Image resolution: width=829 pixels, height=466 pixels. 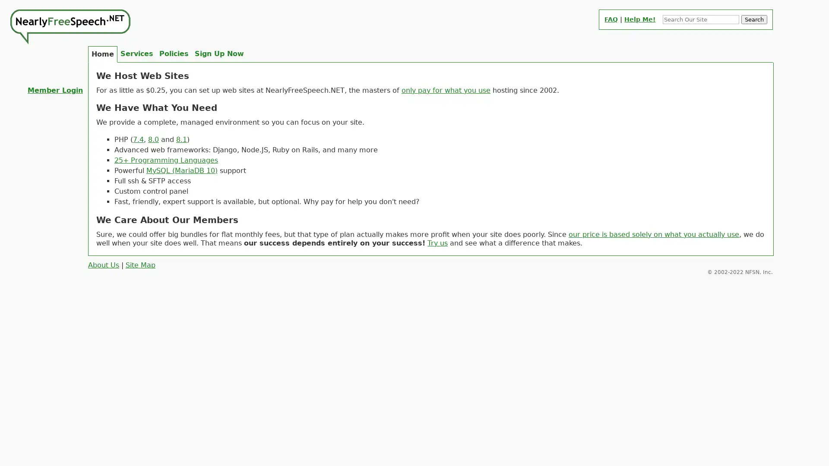 What do you see at coordinates (754, 19) in the screenshot?
I see `Search` at bounding box center [754, 19].